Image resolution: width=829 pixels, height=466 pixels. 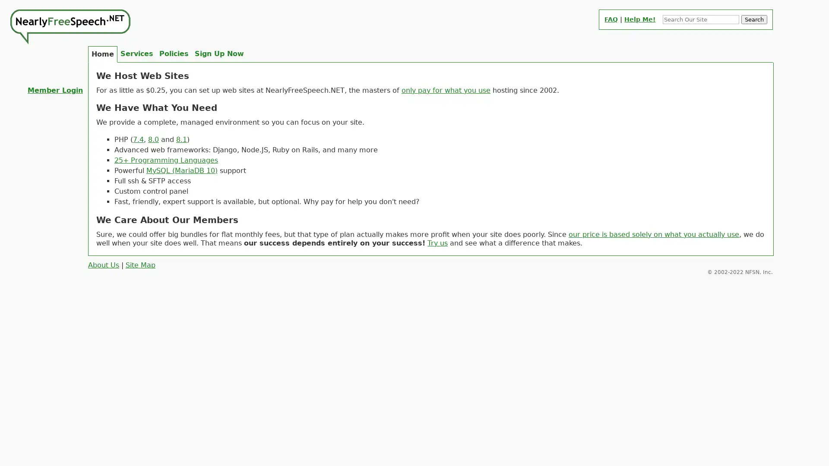 What do you see at coordinates (754, 19) in the screenshot?
I see `Search` at bounding box center [754, 19].